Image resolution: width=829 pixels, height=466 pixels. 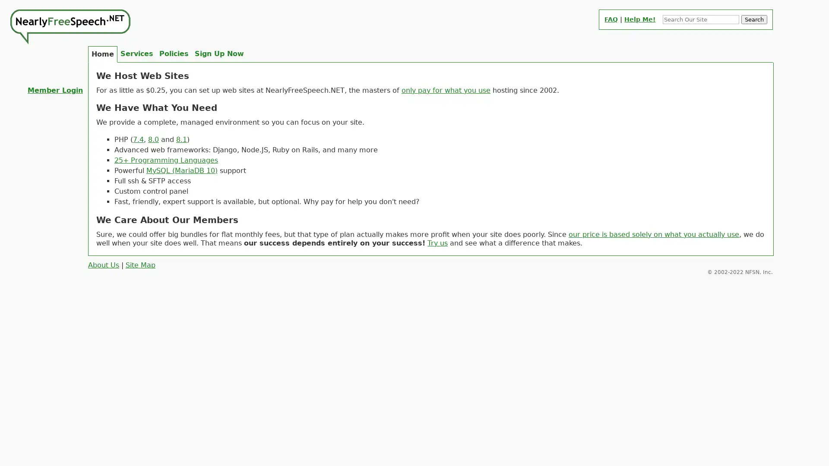 What do you see at coordinates (754, 19) in the screenshot?
I see `Search` at bounding box center [754, 19].